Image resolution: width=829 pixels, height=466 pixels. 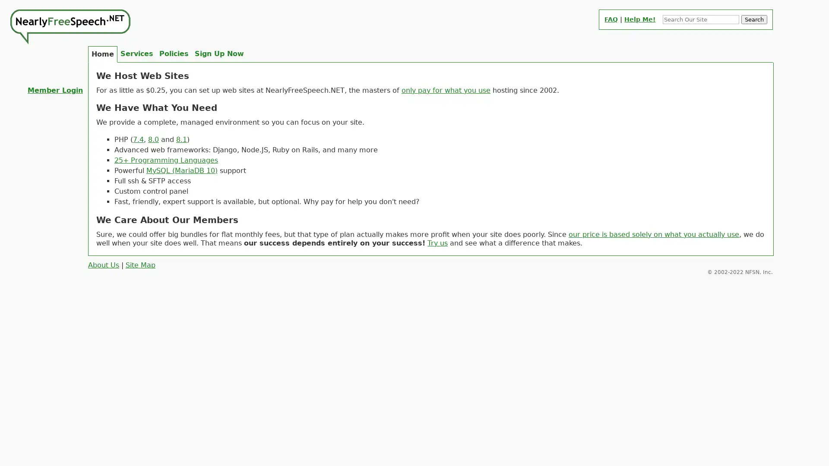 What do you see at coordinates (754, 19) in the screenshot?
I see `Search` at bounding box center [754, 19].